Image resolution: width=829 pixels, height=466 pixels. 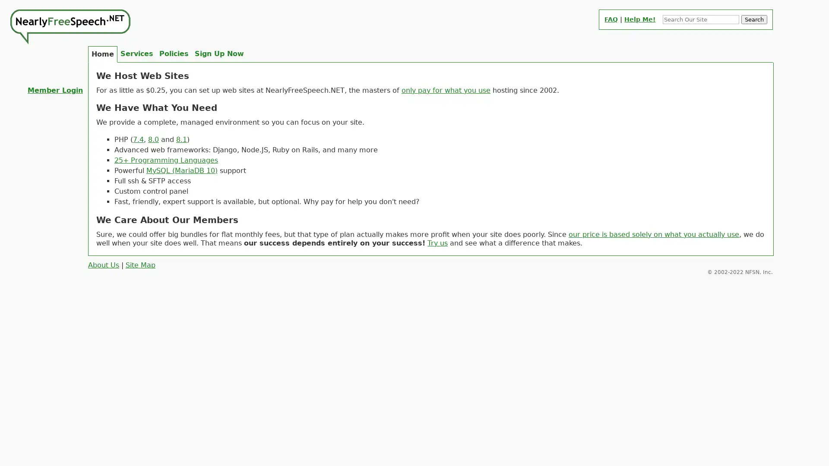 What do you see at coordinates (754, 19) in the screenshot?
I see `Search` at bounding box center [754, 19].